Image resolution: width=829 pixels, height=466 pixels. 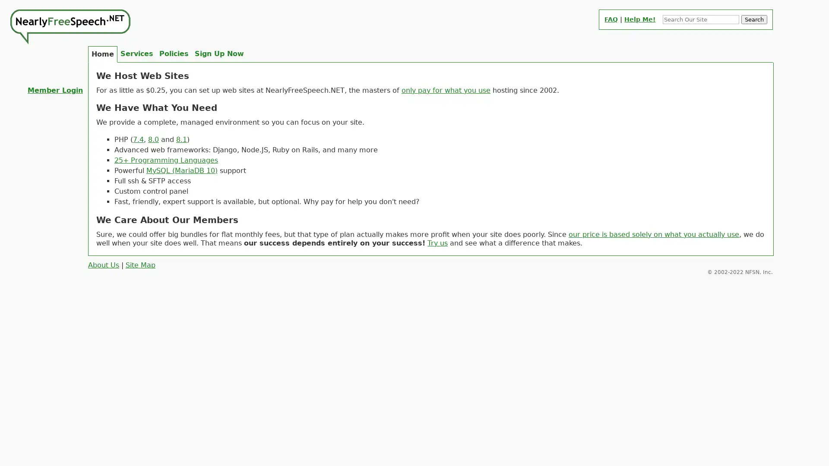 What do you see at coordinates (754, 19) in the screenshot?
I see `Search` at bounding box center [754, 19].